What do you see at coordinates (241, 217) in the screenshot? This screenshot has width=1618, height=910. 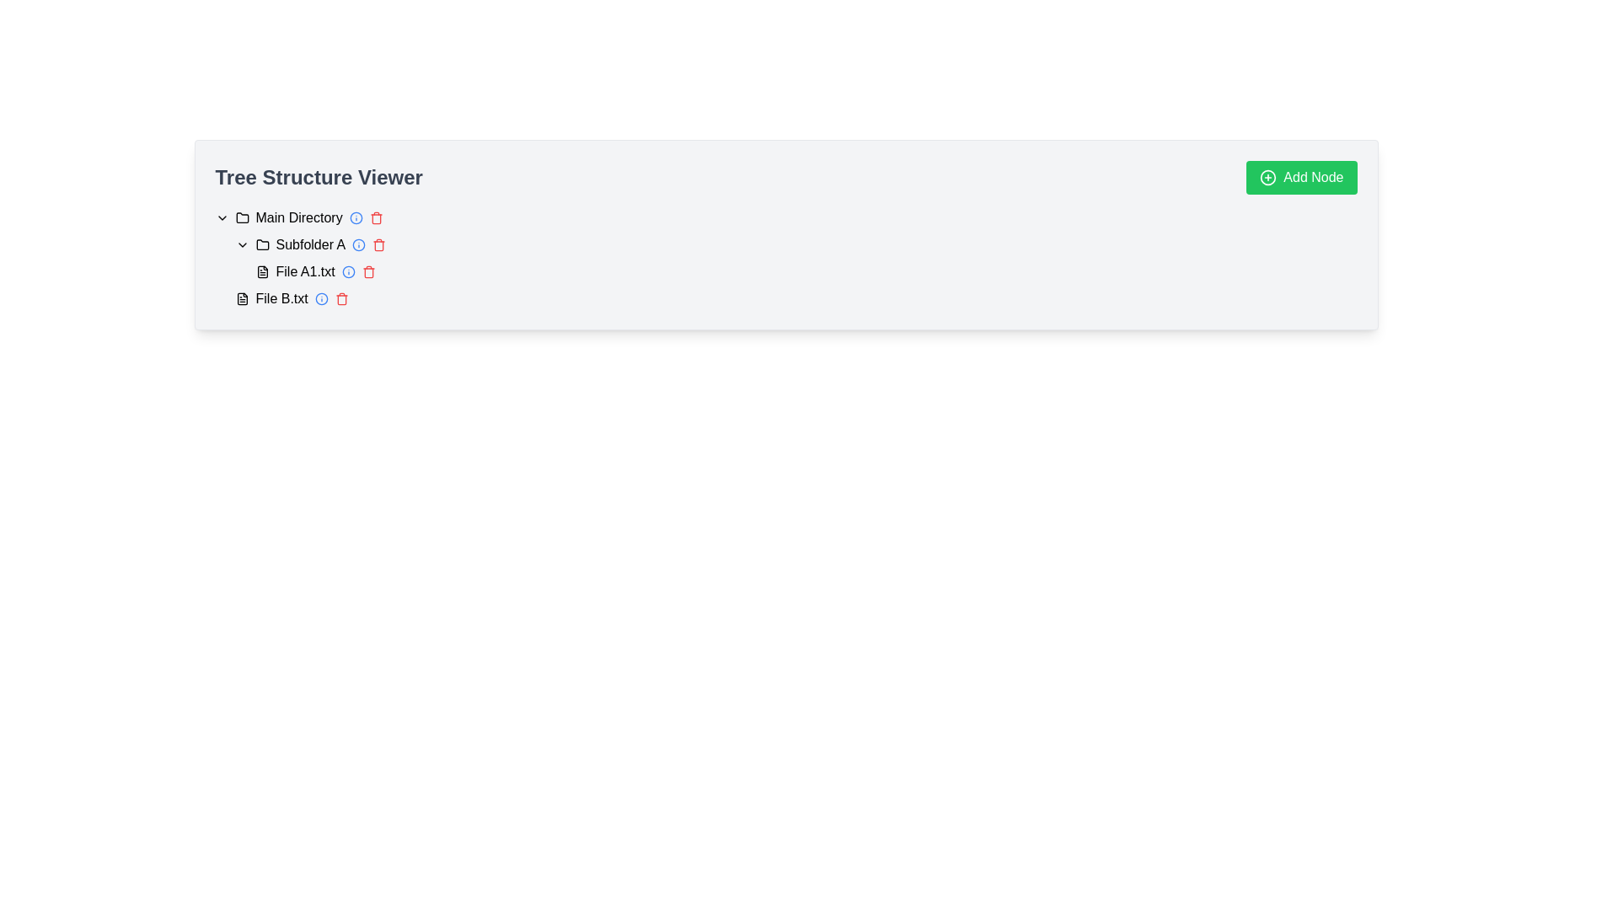 I see `the folder icon located to the left of the 'Main Directory' text` at bounding box center [241, 217].